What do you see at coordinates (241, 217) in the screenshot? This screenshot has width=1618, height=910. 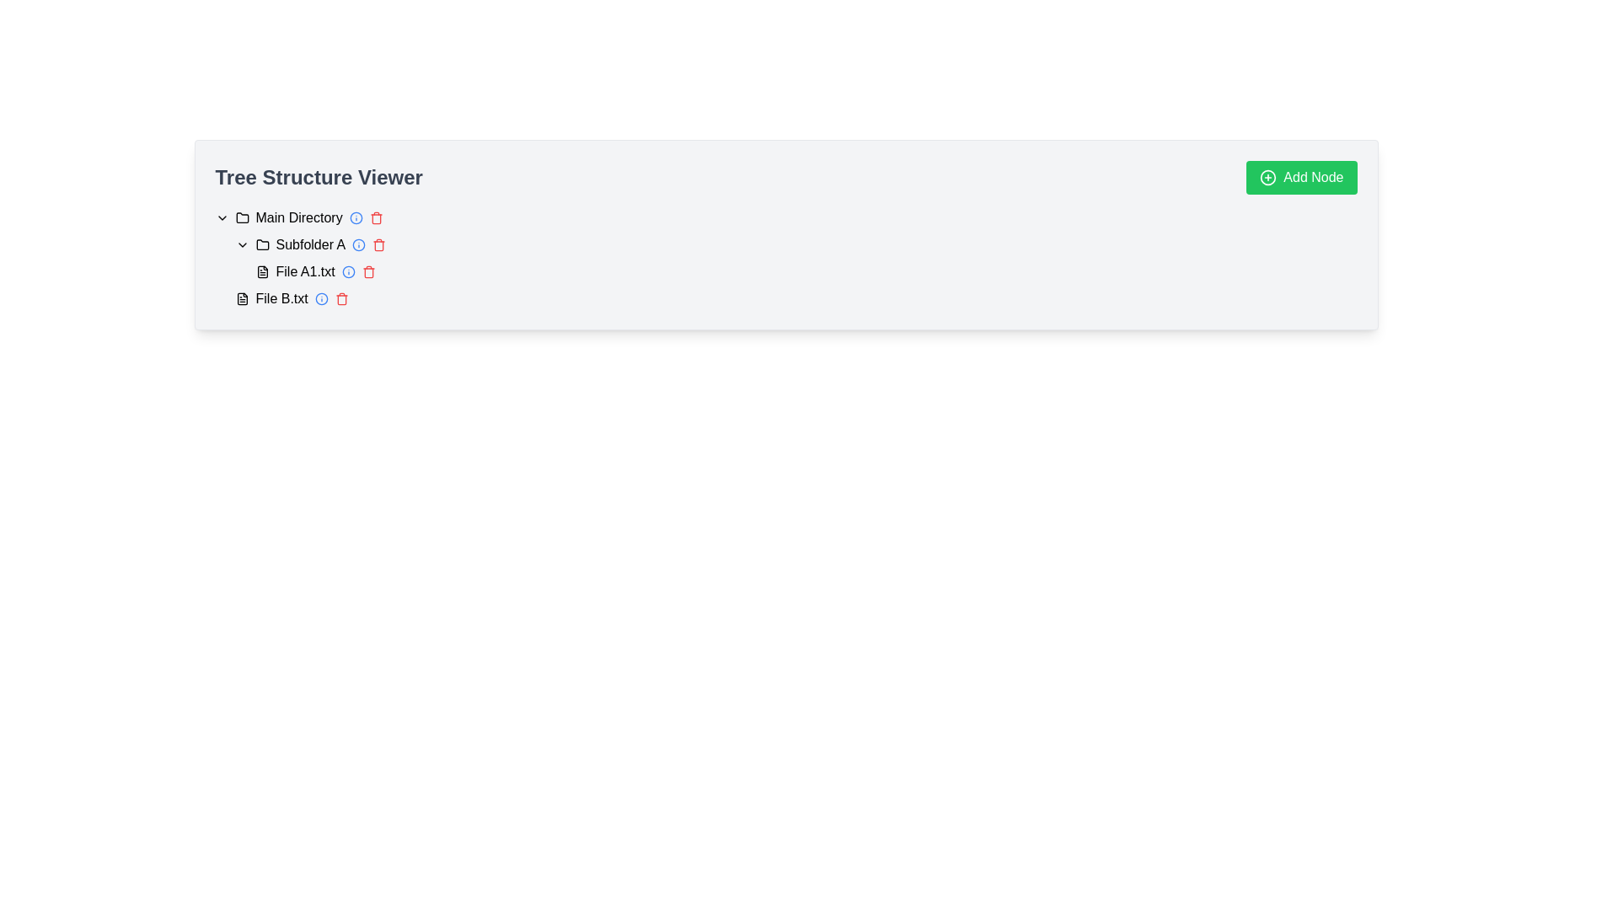 I see `the folder icon located to the left of the 'Main Directory' text` at bounding box center [241, 217].